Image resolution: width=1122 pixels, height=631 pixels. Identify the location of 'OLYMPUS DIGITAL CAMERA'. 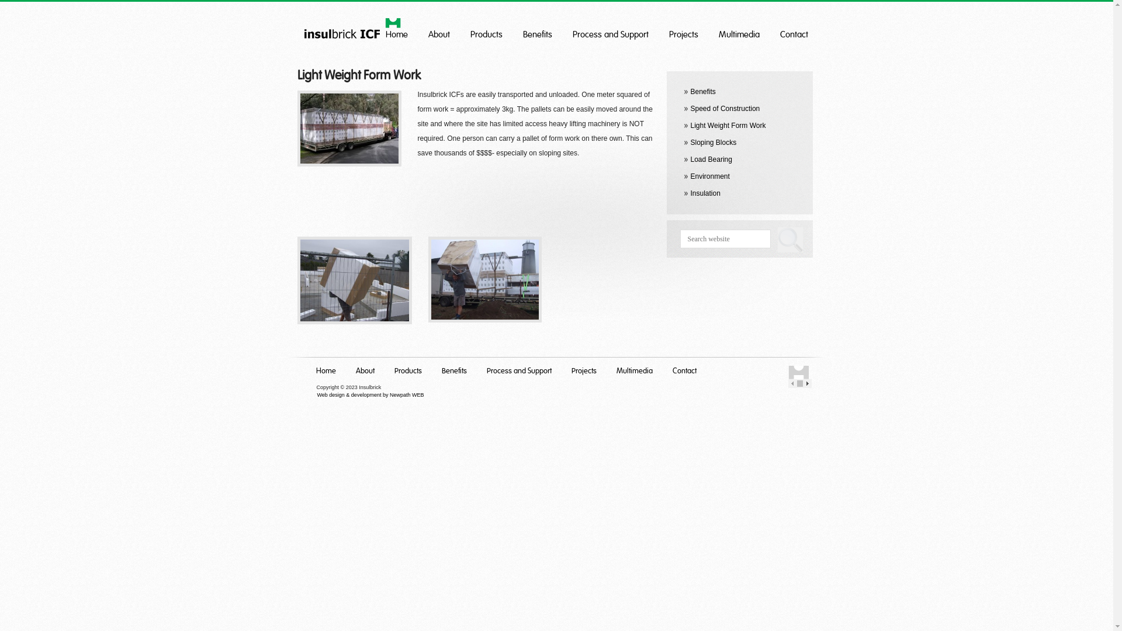
(297, 128).